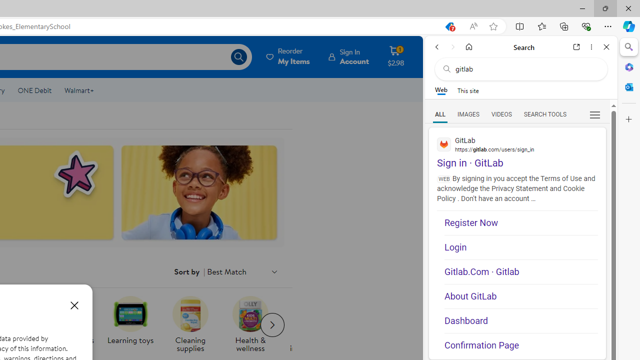  Describe the element at coordinates (443, 144) in the screenshot. I see `'Global web icon'` at that location.